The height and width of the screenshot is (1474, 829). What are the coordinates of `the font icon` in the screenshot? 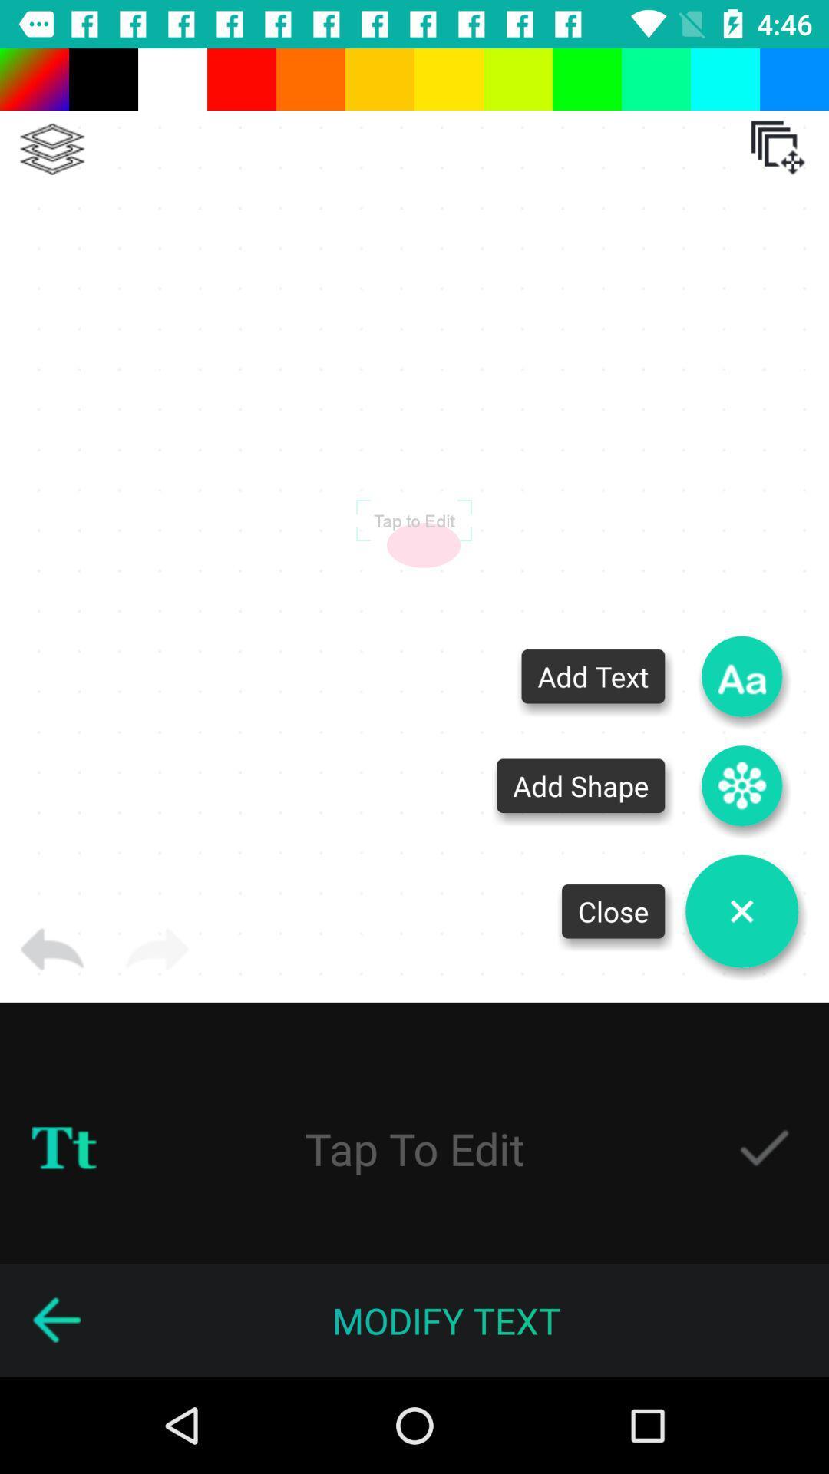 It's located at (741, 676).